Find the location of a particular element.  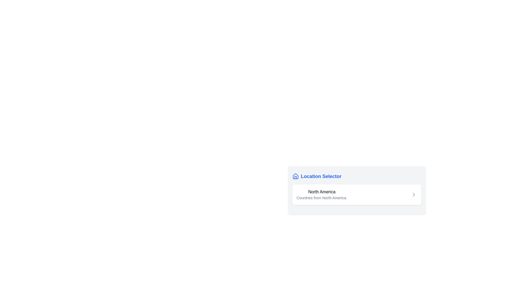

the chevron icon located at the far-right end of the card labeled 'North America' for a potential tooltip is located at coordinates (413, 195).